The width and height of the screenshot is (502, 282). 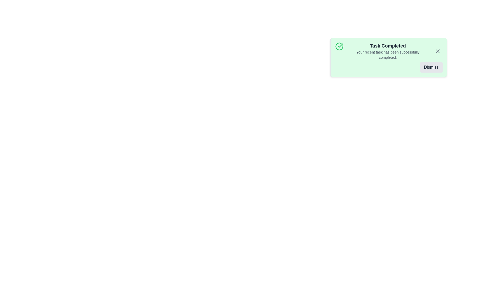 What do you see at coordinates (437, 51) in the screenshot?
I see `the gray 'X' icon with a circular border located at the top-right corner of the notification box to possibly reveal additional tooltip or highlight effect` at bounding box center [437, 51].